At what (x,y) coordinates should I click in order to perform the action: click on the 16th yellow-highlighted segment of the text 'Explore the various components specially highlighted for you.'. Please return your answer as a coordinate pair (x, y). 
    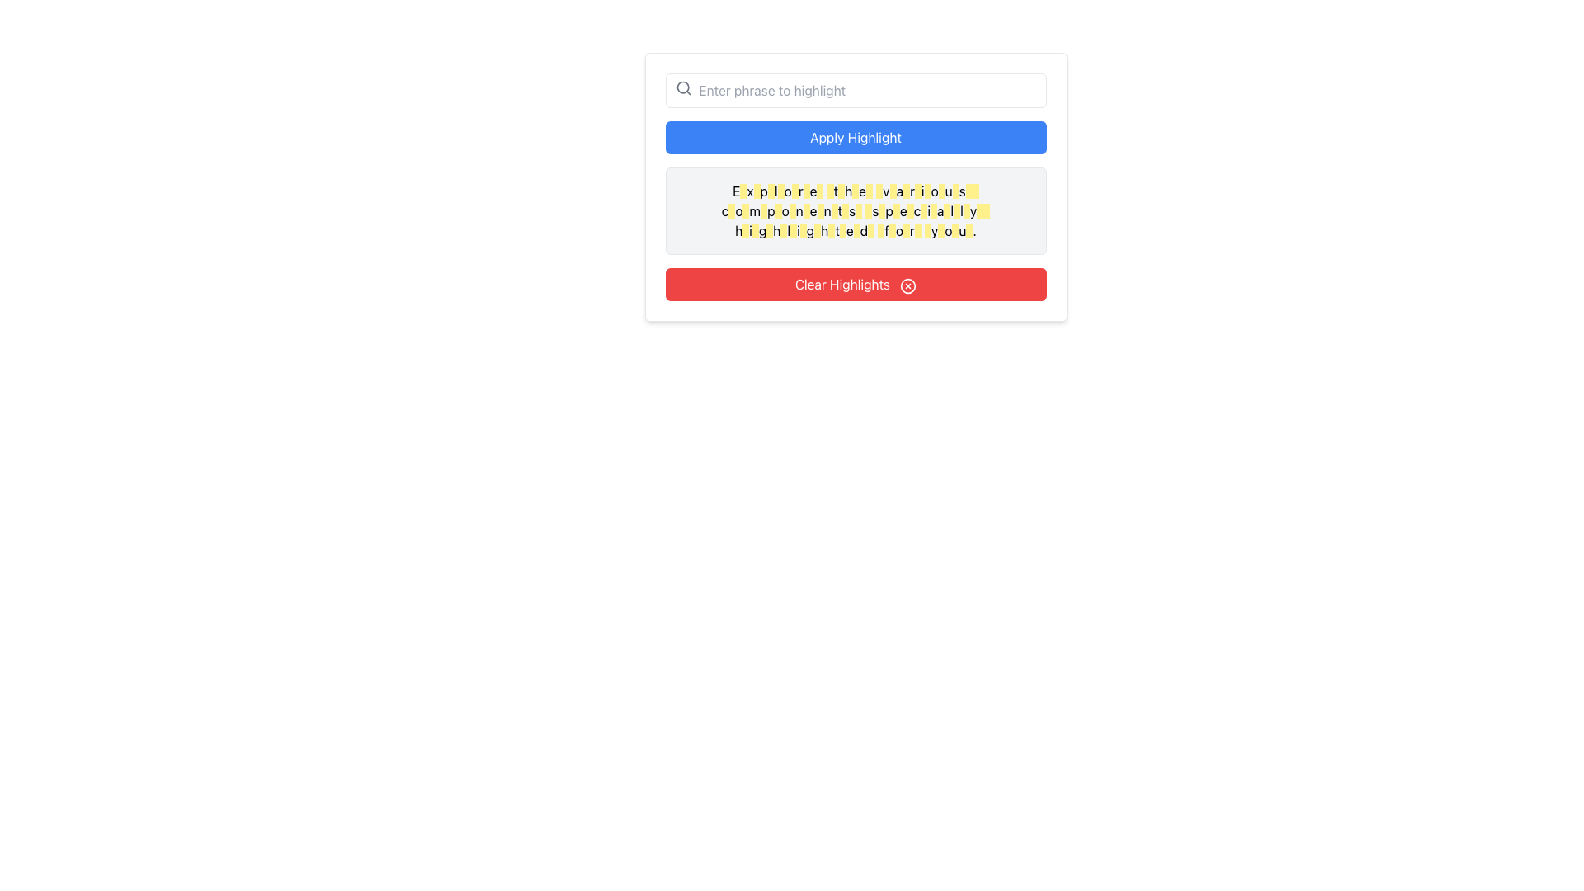
    Looking at the image, I should click on (927, 190).